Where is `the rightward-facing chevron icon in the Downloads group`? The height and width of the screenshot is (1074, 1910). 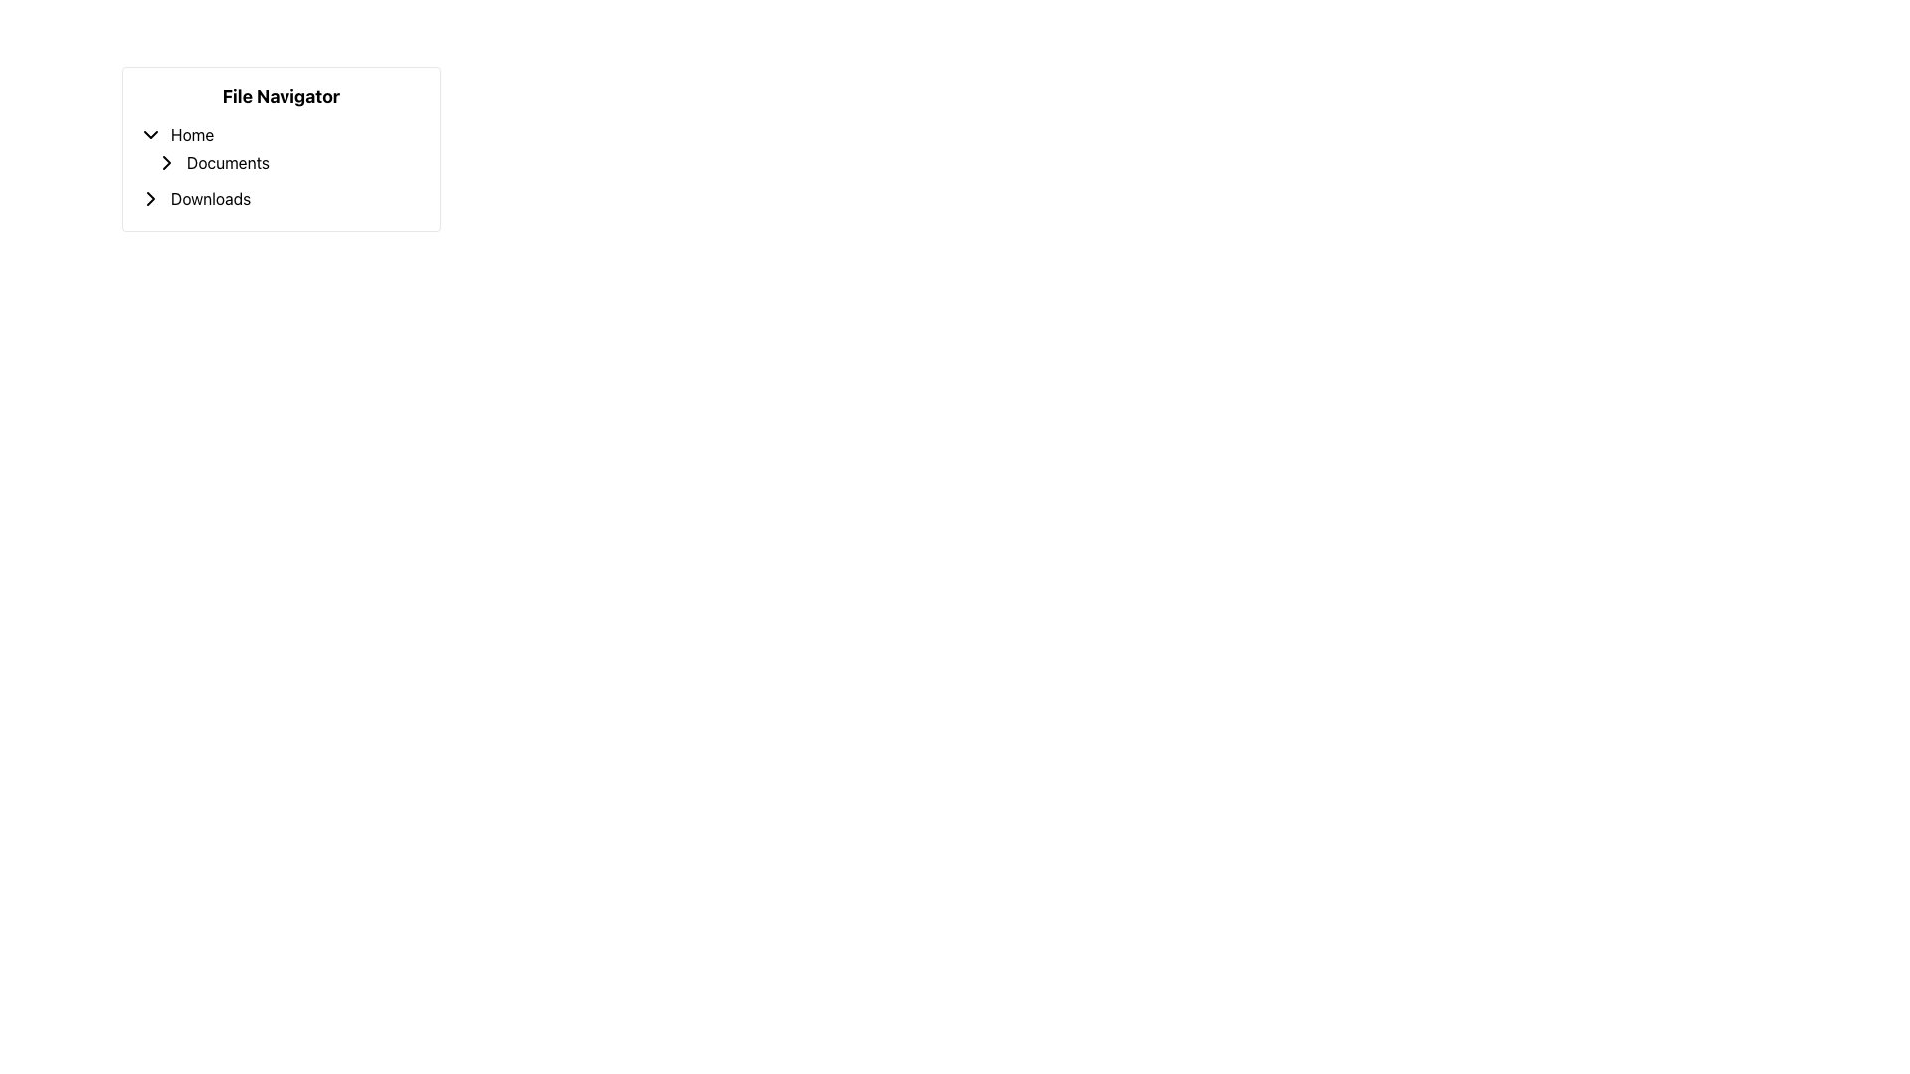
the rightward-facing chevron icon in the Downloads group is located at coordinates (150, 199).